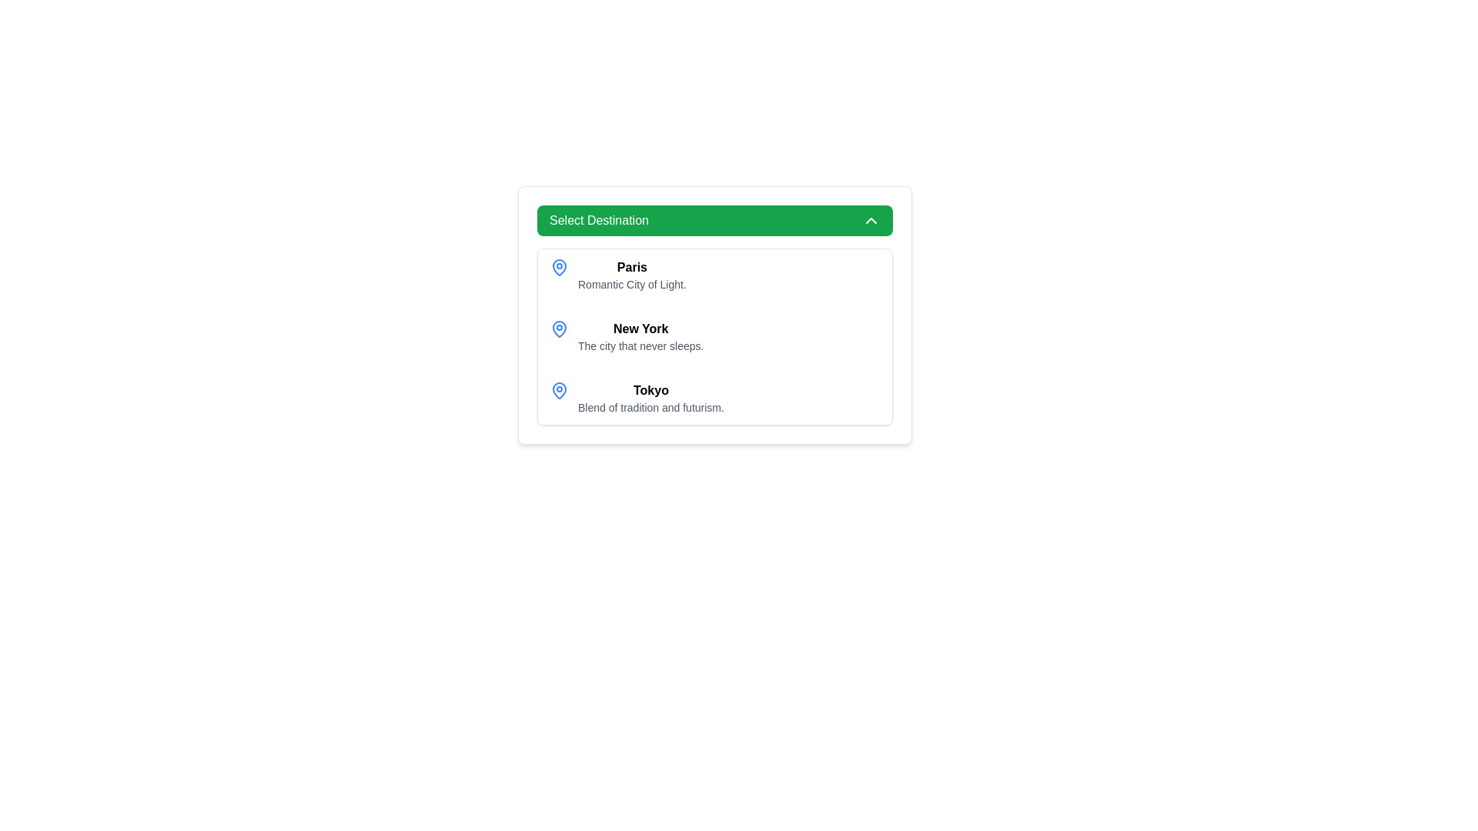 Image resolution: width=1478 pixels, height=831 pixels. I want to click on descriptive text element that says 'Blend of tradition and futurism.' located below the 'Tokyo' label in the dropdown menu, so click(650, 406).